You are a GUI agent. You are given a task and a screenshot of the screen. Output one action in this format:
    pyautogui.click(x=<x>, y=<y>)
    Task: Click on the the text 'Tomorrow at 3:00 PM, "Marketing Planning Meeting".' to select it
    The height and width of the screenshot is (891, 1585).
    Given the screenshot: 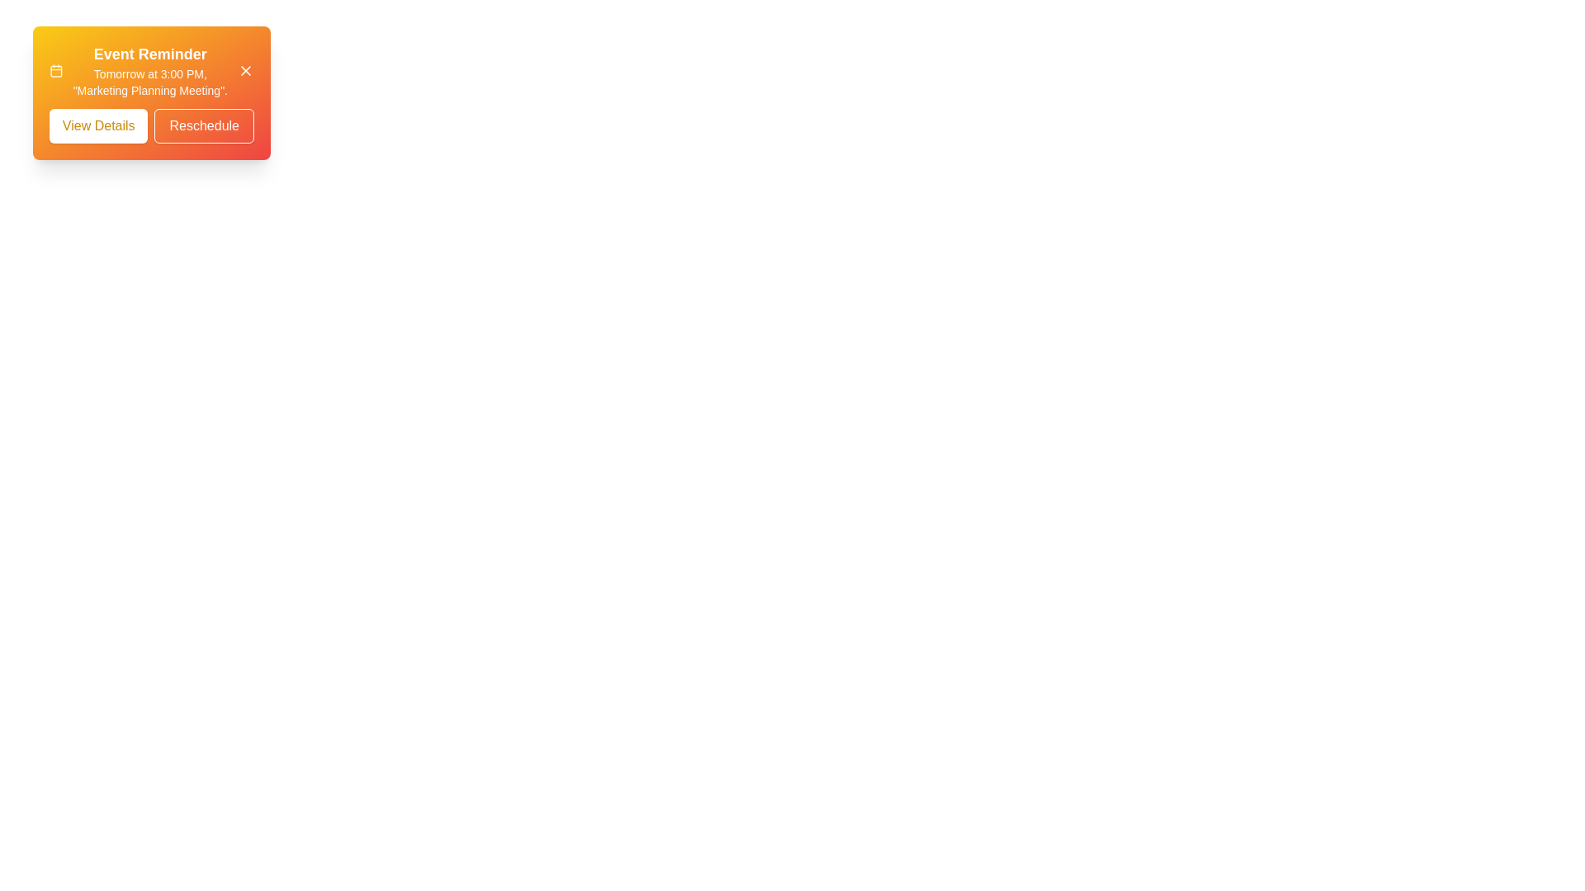 What is the action you would take?
    pyautogui.click(x=150, y=82)
    